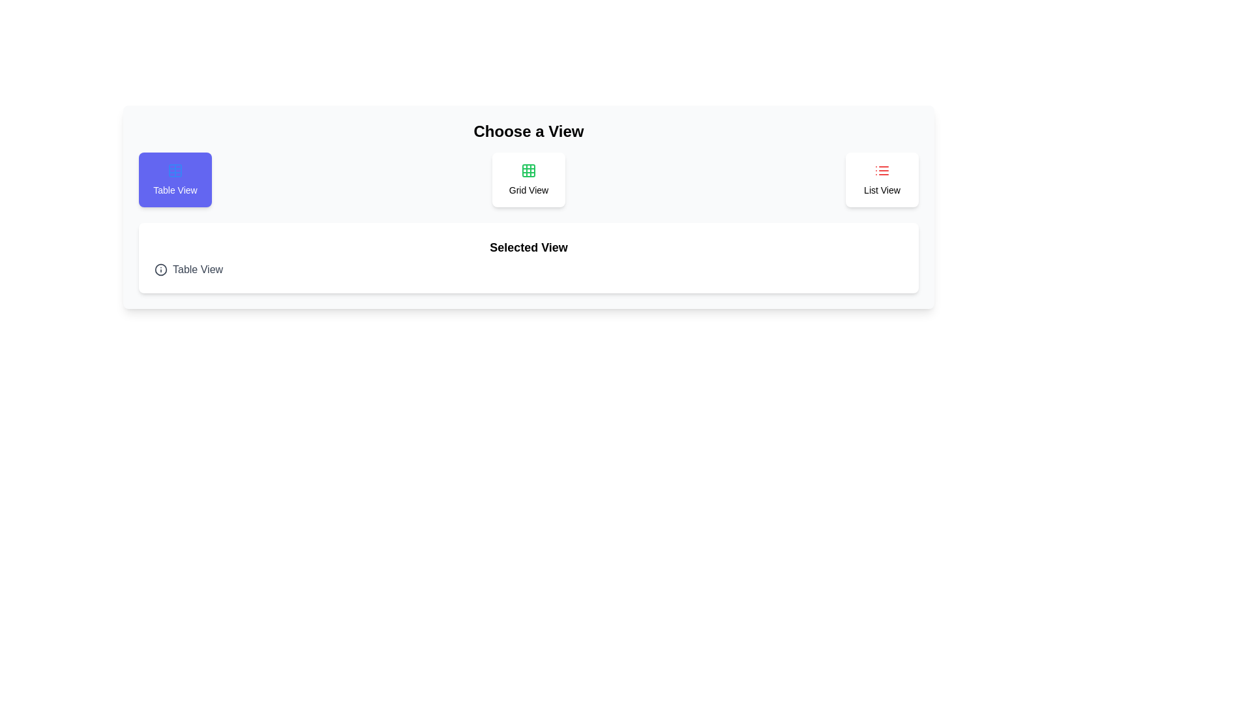 The width and height of the screenshot is (1252, 704). Describe the element at coordinates (529, 180) in the screenshot. I see `the 'Grid View' button, which is the second button in a horizontal arrangement and features a green grid icon and the text 'Grid View'` at that location.